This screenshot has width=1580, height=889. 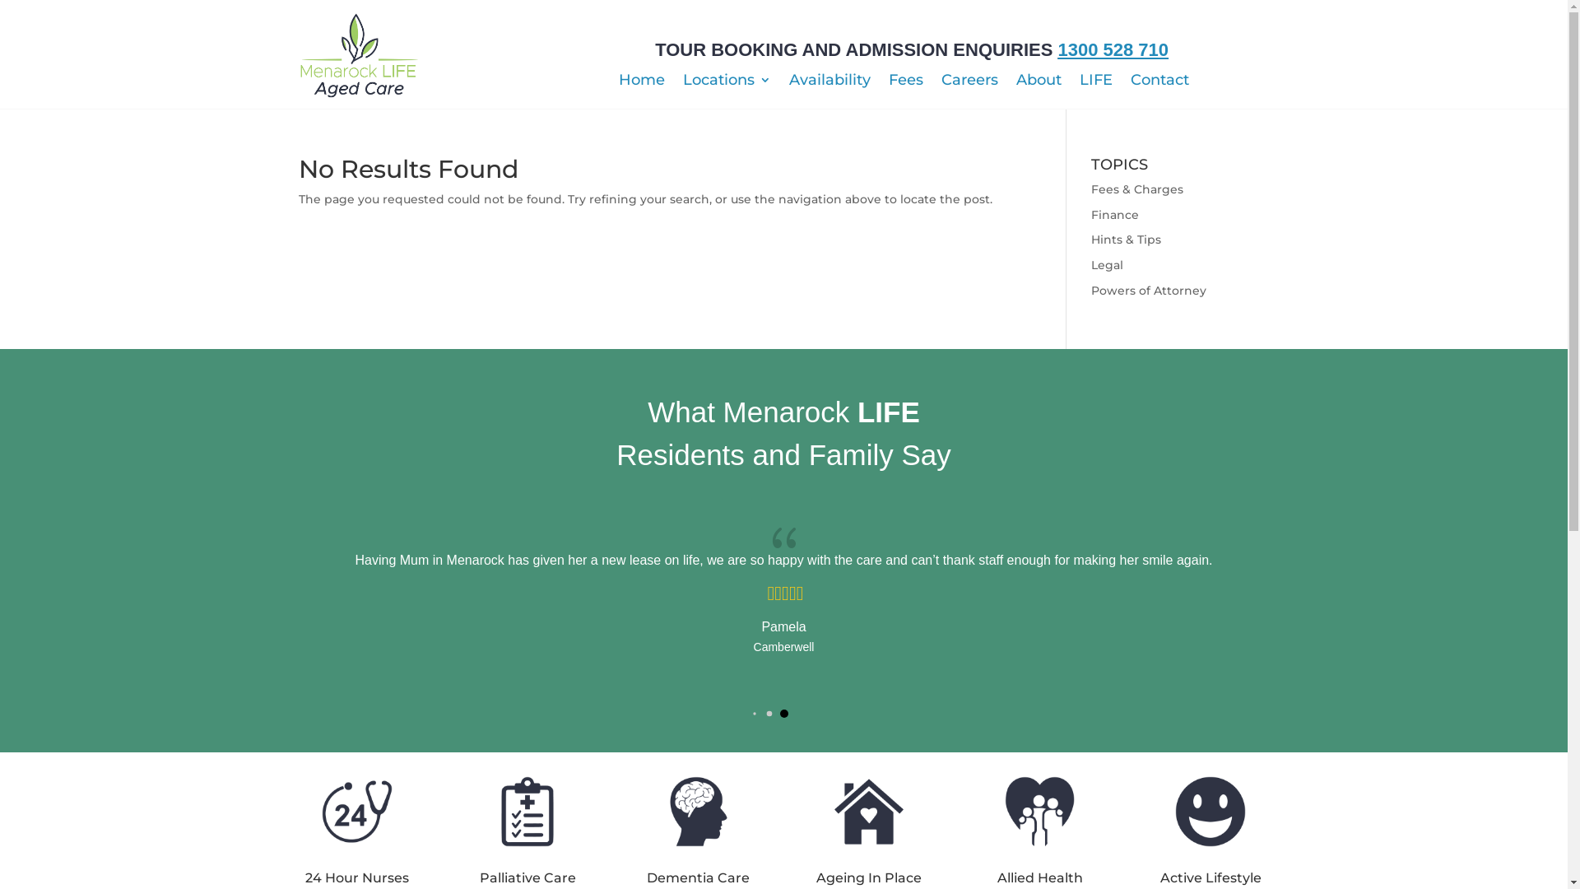 What do you see at coordinates (1096, 82) in the screenshot?
I see `'LIFE'` at bounding box center [1096, 82].